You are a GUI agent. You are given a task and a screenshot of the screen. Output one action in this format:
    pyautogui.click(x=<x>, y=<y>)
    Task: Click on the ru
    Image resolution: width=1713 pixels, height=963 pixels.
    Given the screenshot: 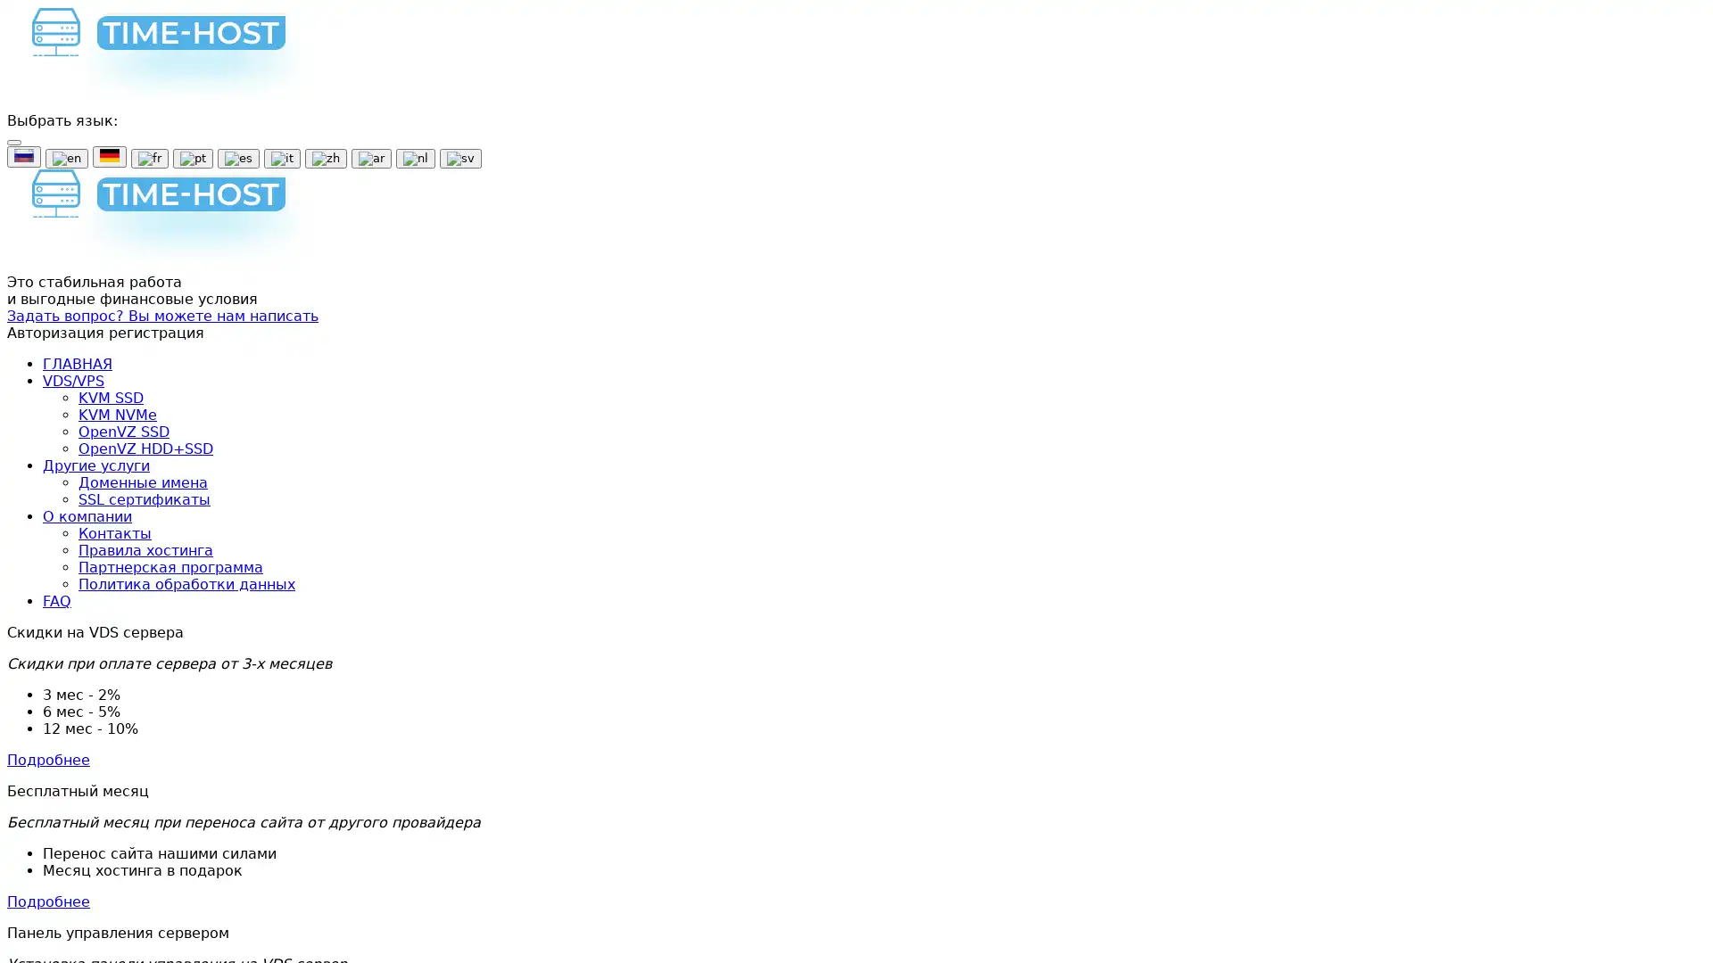 What is the action you would take?
    pyautogui.click(x=24, y=156)
    